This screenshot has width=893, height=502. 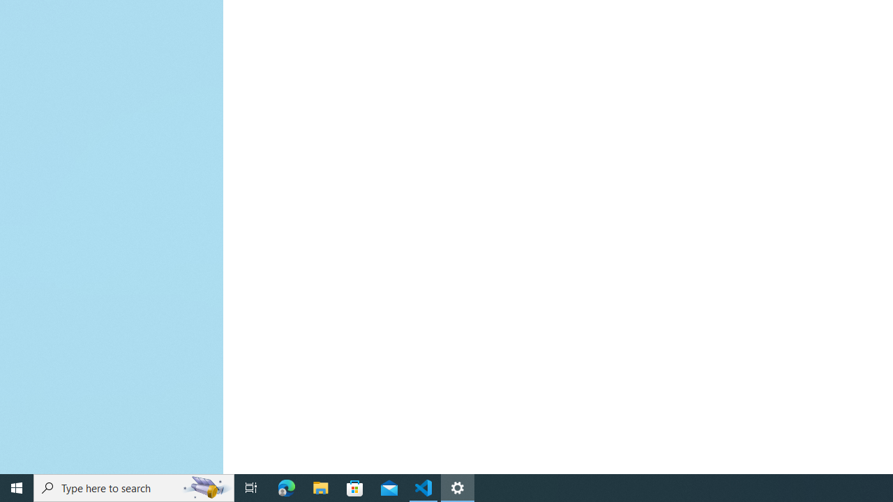 What do you see at coordinates (250, 487) in the screenshot?
I see `'Task View'` at bounding box center [250, 487].